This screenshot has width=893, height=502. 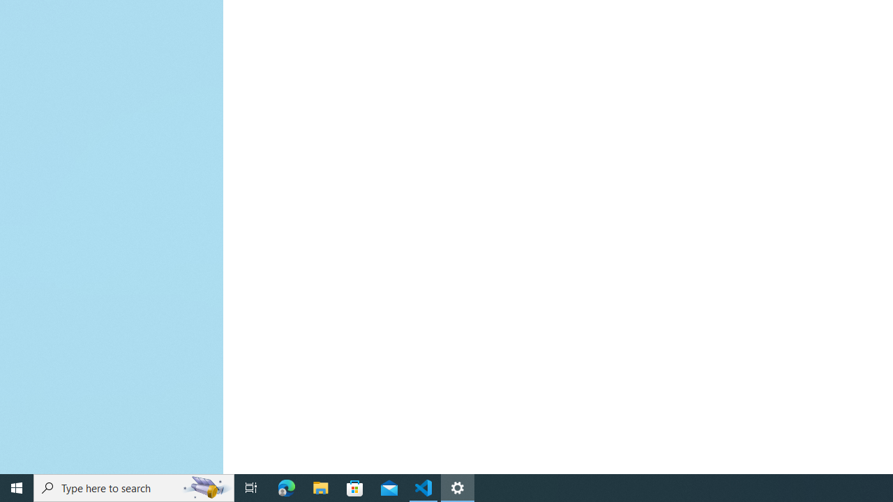 What do you see at coordinates (250, 487) in the screenshot?
I see `'Task View'` at bounding box center [250, 487].